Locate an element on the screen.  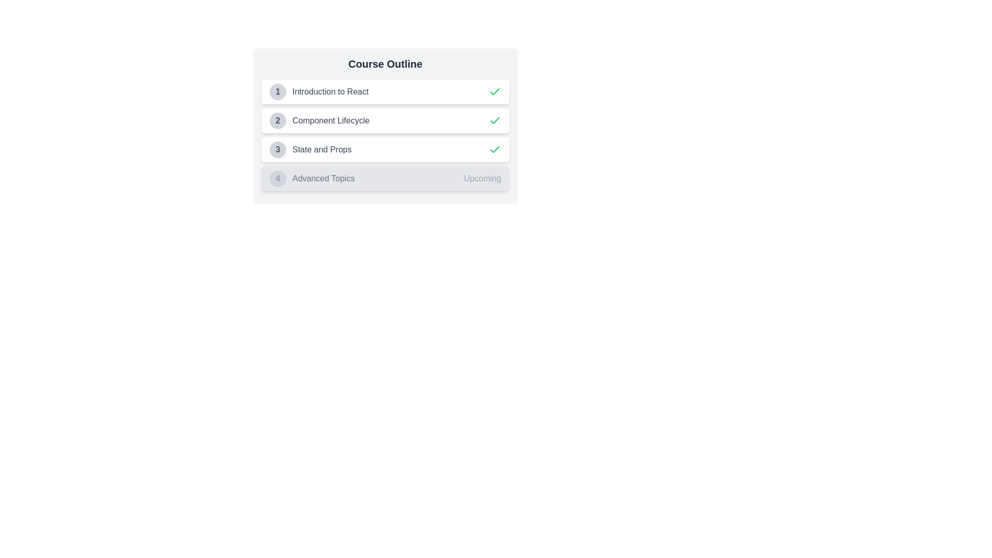
the 'State and Props' list item which is the third item in the Course Outline, featuring a bold number '3' in a circular gray background and a text label in lighter gray is located at coordinates (310, 149).